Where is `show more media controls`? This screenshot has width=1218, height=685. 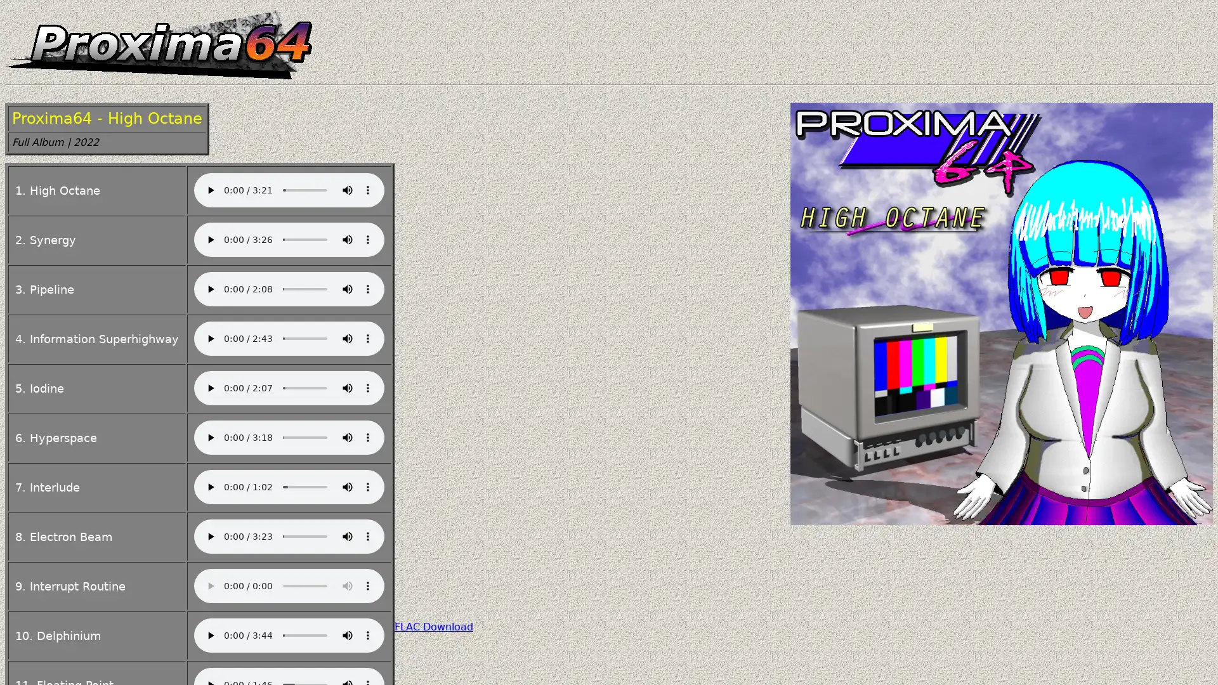 show more media controls is located at coordinates (367, 586).